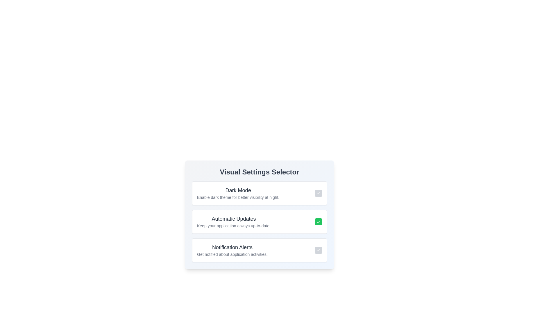 This screenshot has height=314, width=558. Describe the element at coordinates (259, 222) in the screenshot. I see `the second item in the settings control module, which is a toggle button for enabling or disabling automatic updates, located below 'Dark Mode' and above 'Notification Alerts'` at that location.